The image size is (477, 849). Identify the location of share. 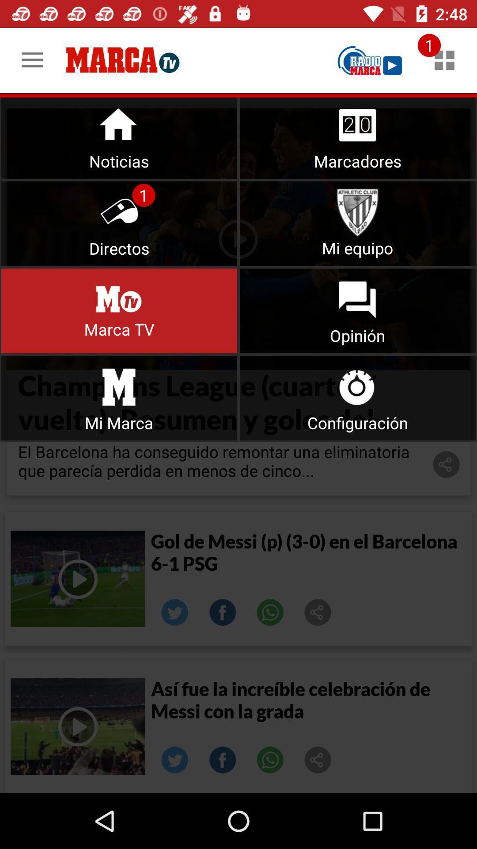
(175, 759).